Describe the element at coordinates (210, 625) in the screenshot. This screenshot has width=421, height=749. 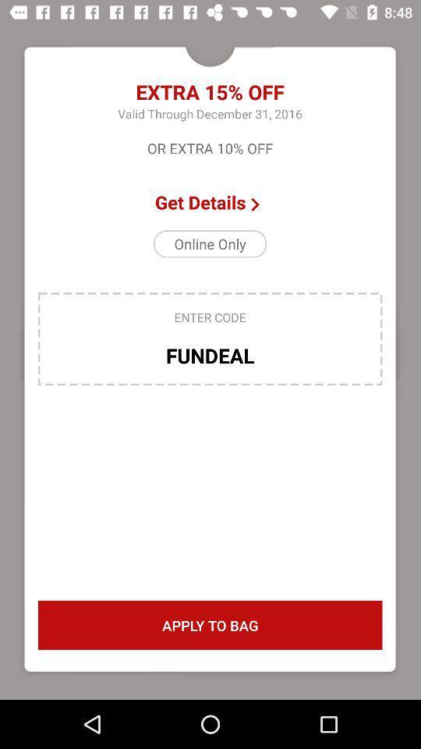
I see `icon below the fundeal item` at that location.